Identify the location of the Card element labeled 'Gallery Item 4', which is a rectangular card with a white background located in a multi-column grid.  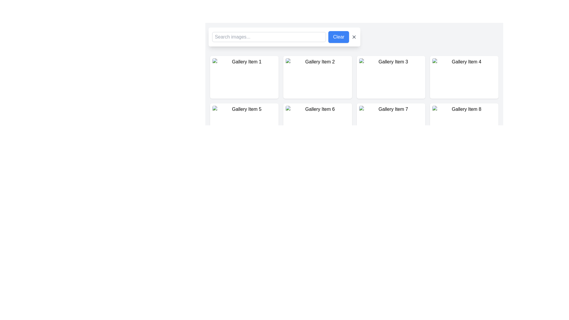
(464, 77).